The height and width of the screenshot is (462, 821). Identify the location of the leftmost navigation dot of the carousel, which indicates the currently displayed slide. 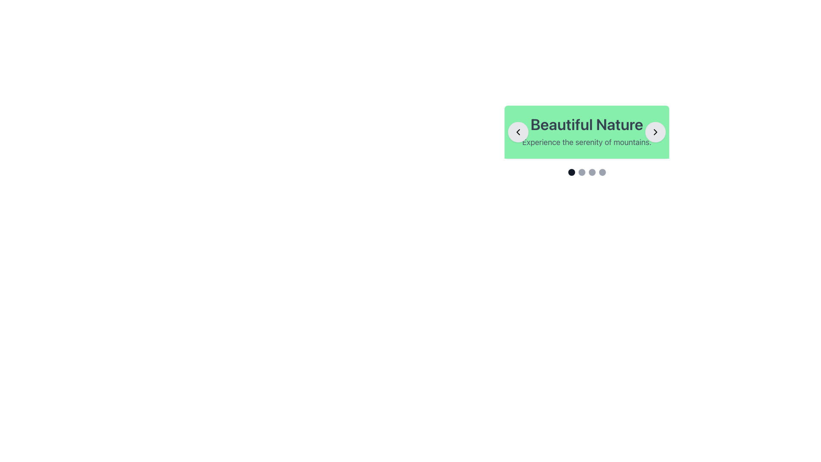
(571, 172).